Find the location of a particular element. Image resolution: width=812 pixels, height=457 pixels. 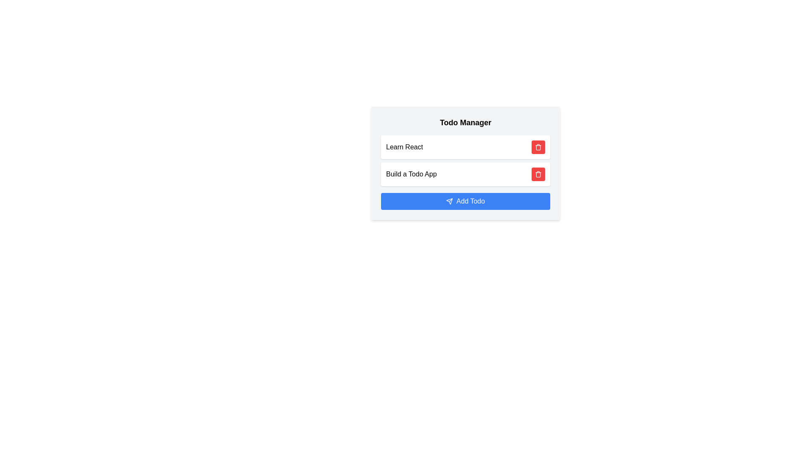

inline text label indicating the action performed when the 'Add Todo' button is clicked, which is located centered below the task list section is located at coordinates (470, 201).